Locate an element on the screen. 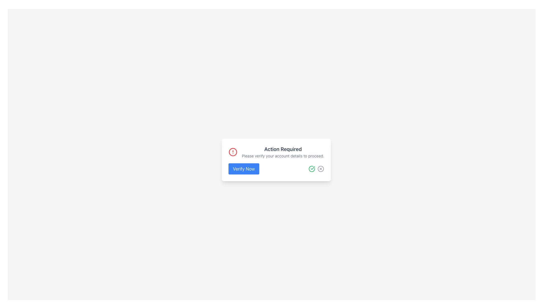  the circular icon with an 'X' mark in its center, which is the last item in a horizontal row of icons is located at coordinates (321, 169).